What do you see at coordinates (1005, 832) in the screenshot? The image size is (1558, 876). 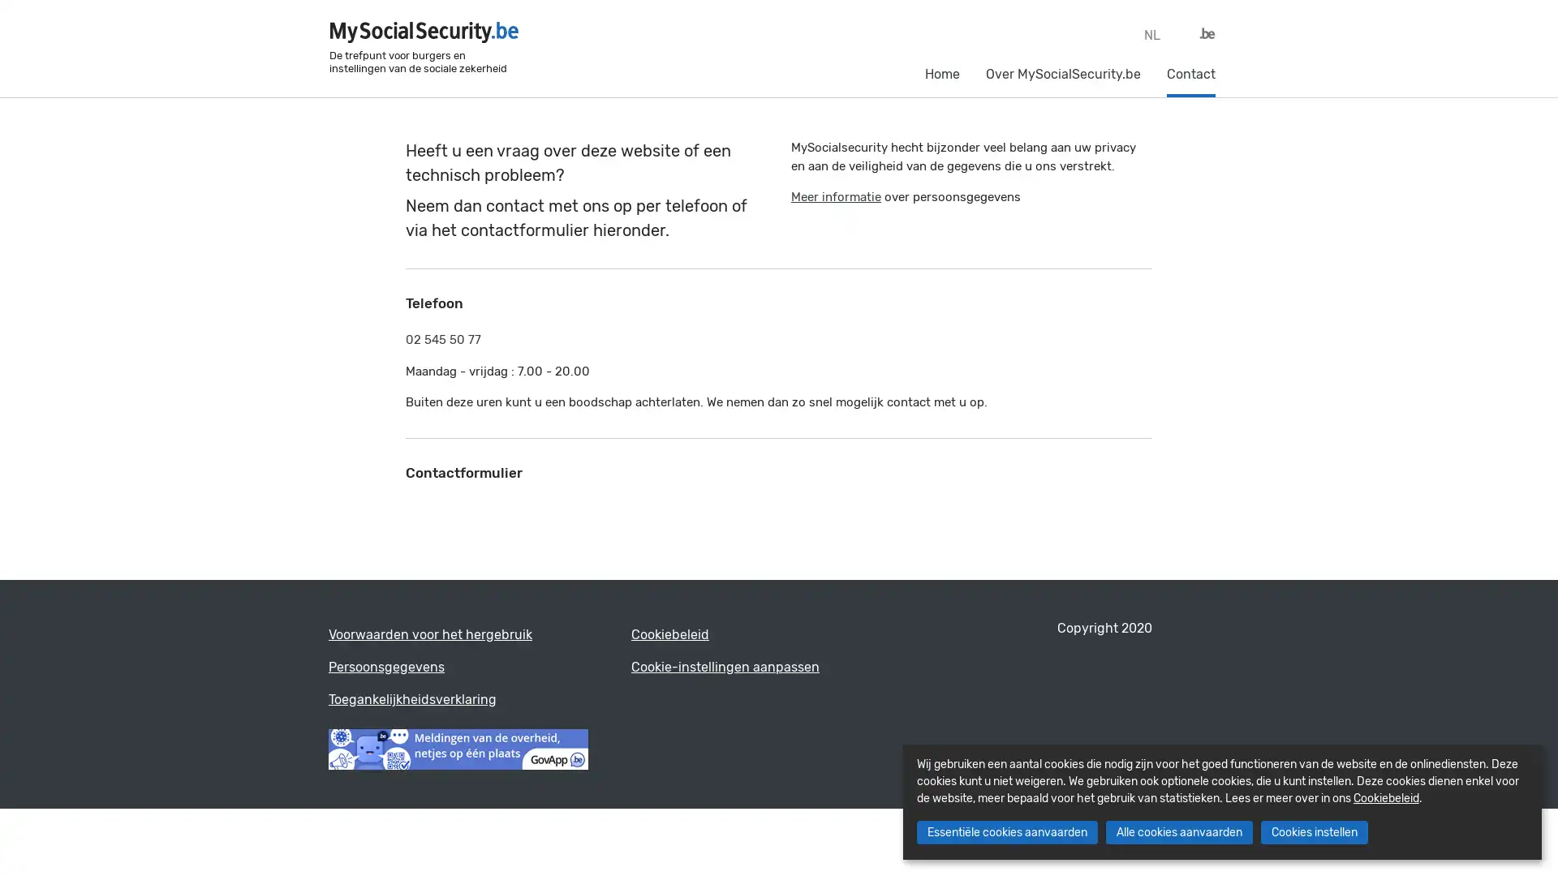 I see `Essentiele cookies aanvaarden` at bounding box center [1005, 832].